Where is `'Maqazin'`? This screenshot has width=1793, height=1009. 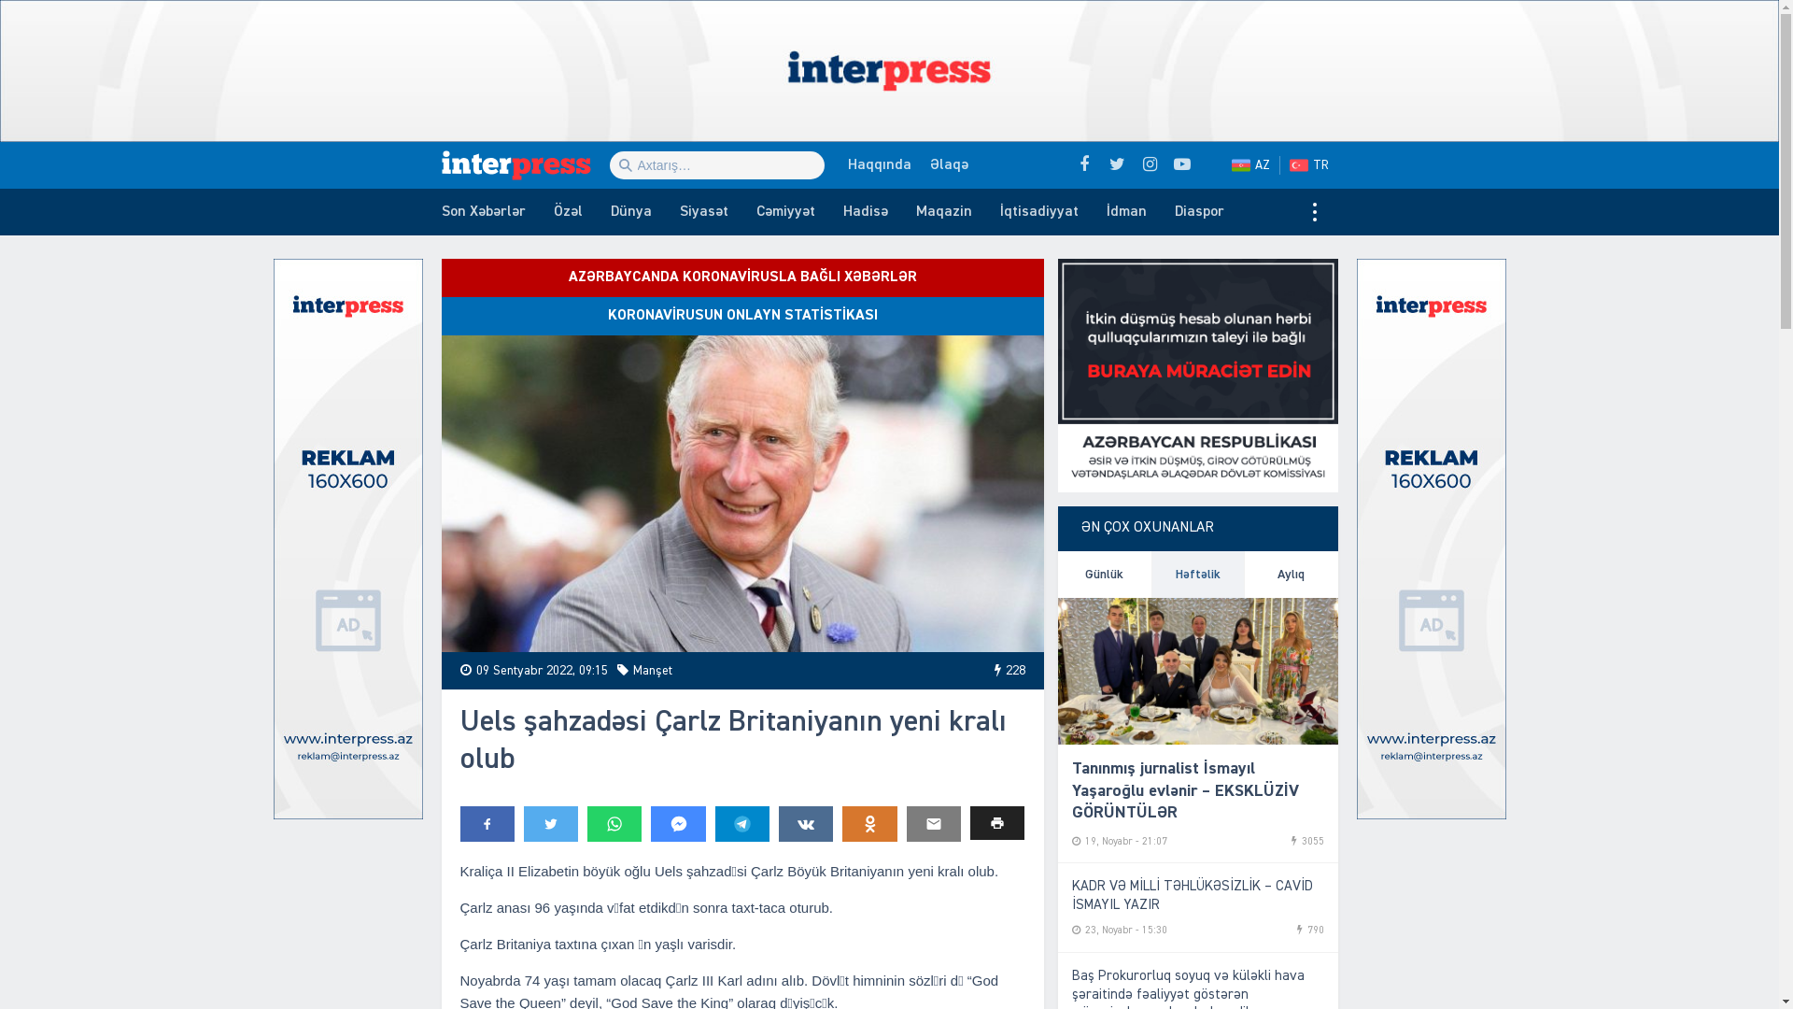 'Maqazin' is located at coordinates (944, 211).